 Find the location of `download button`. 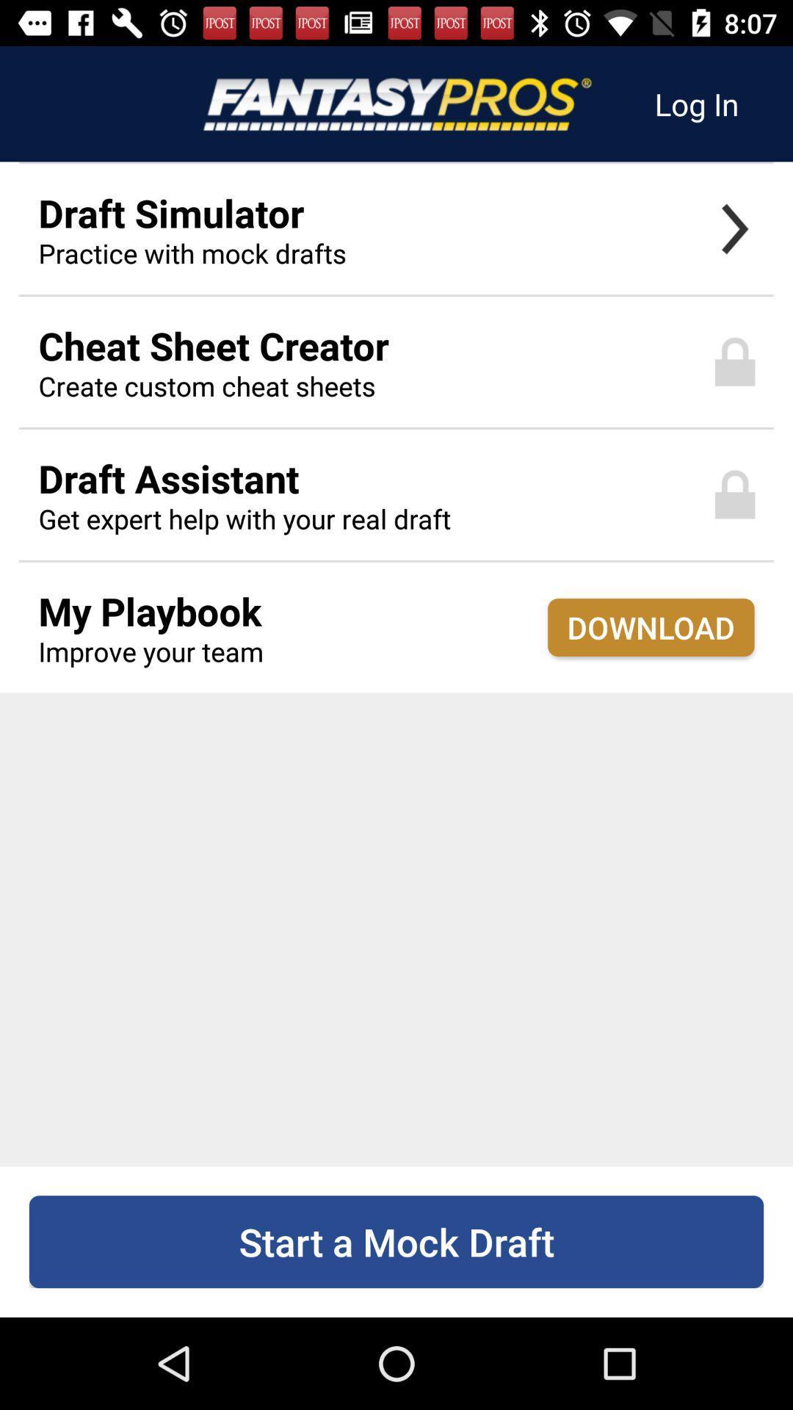

download button is located at coordinates (650, 627).